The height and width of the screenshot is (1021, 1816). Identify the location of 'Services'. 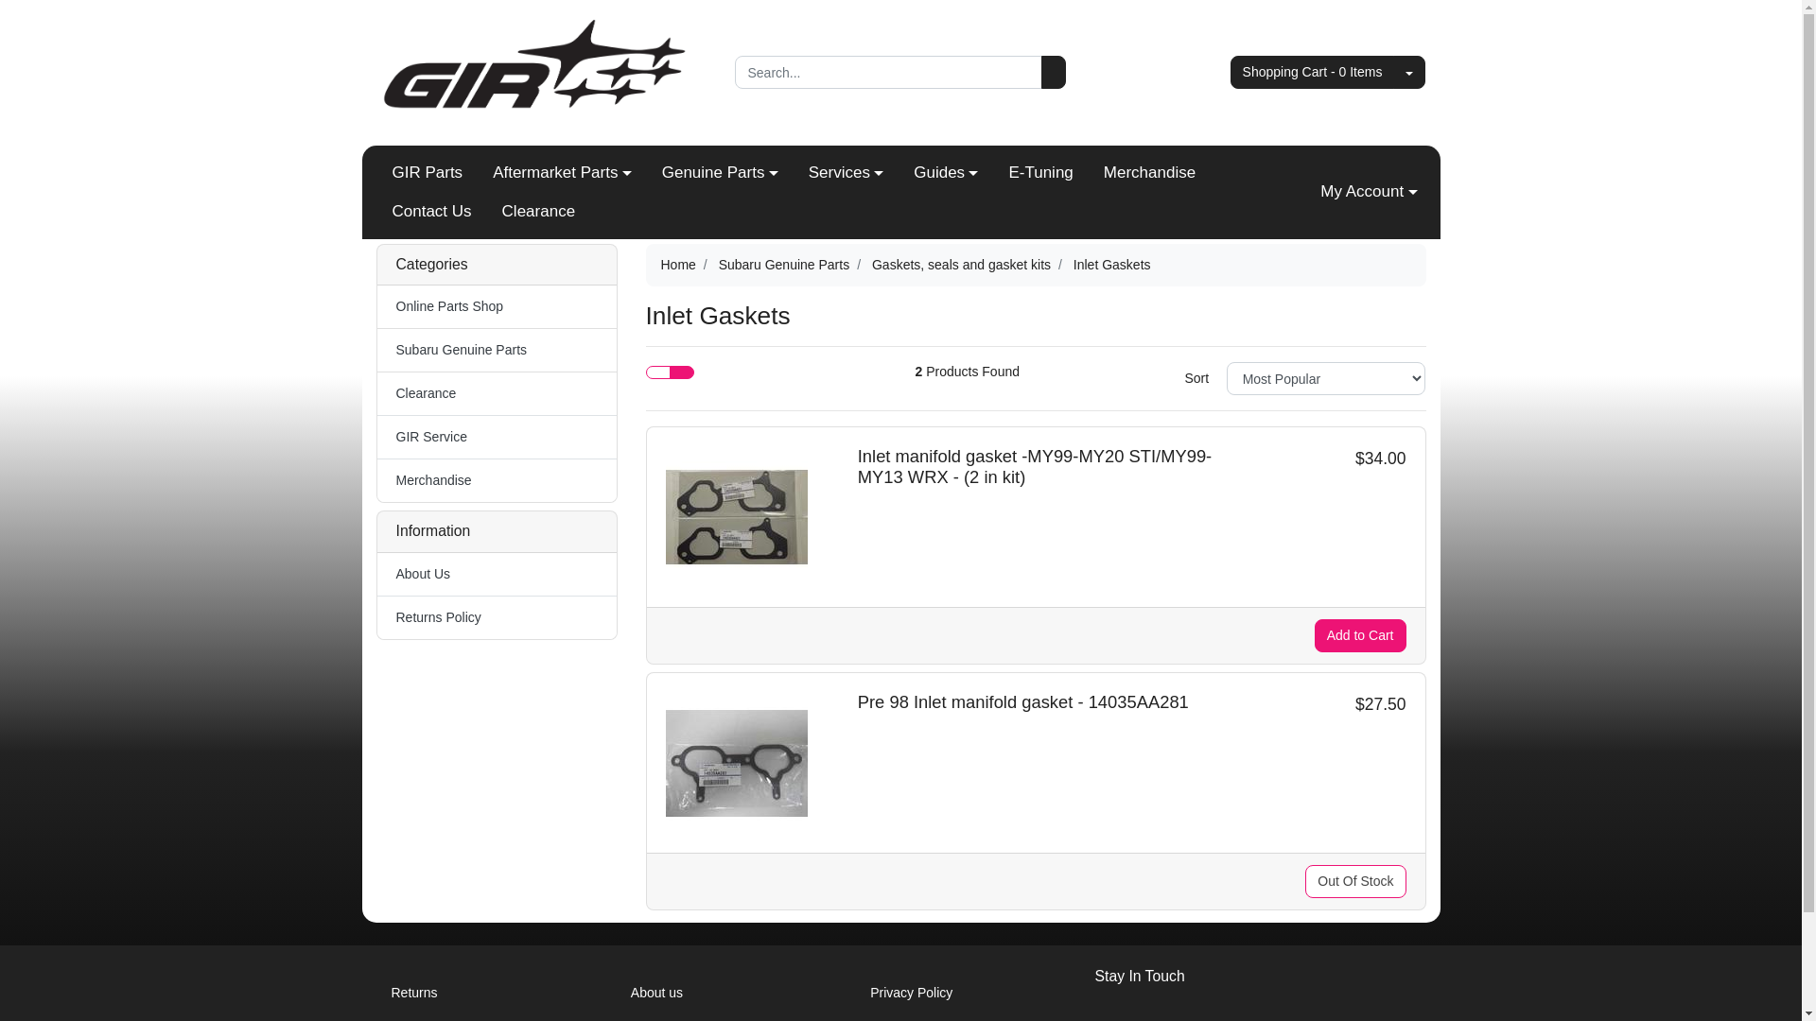
(845, 172).